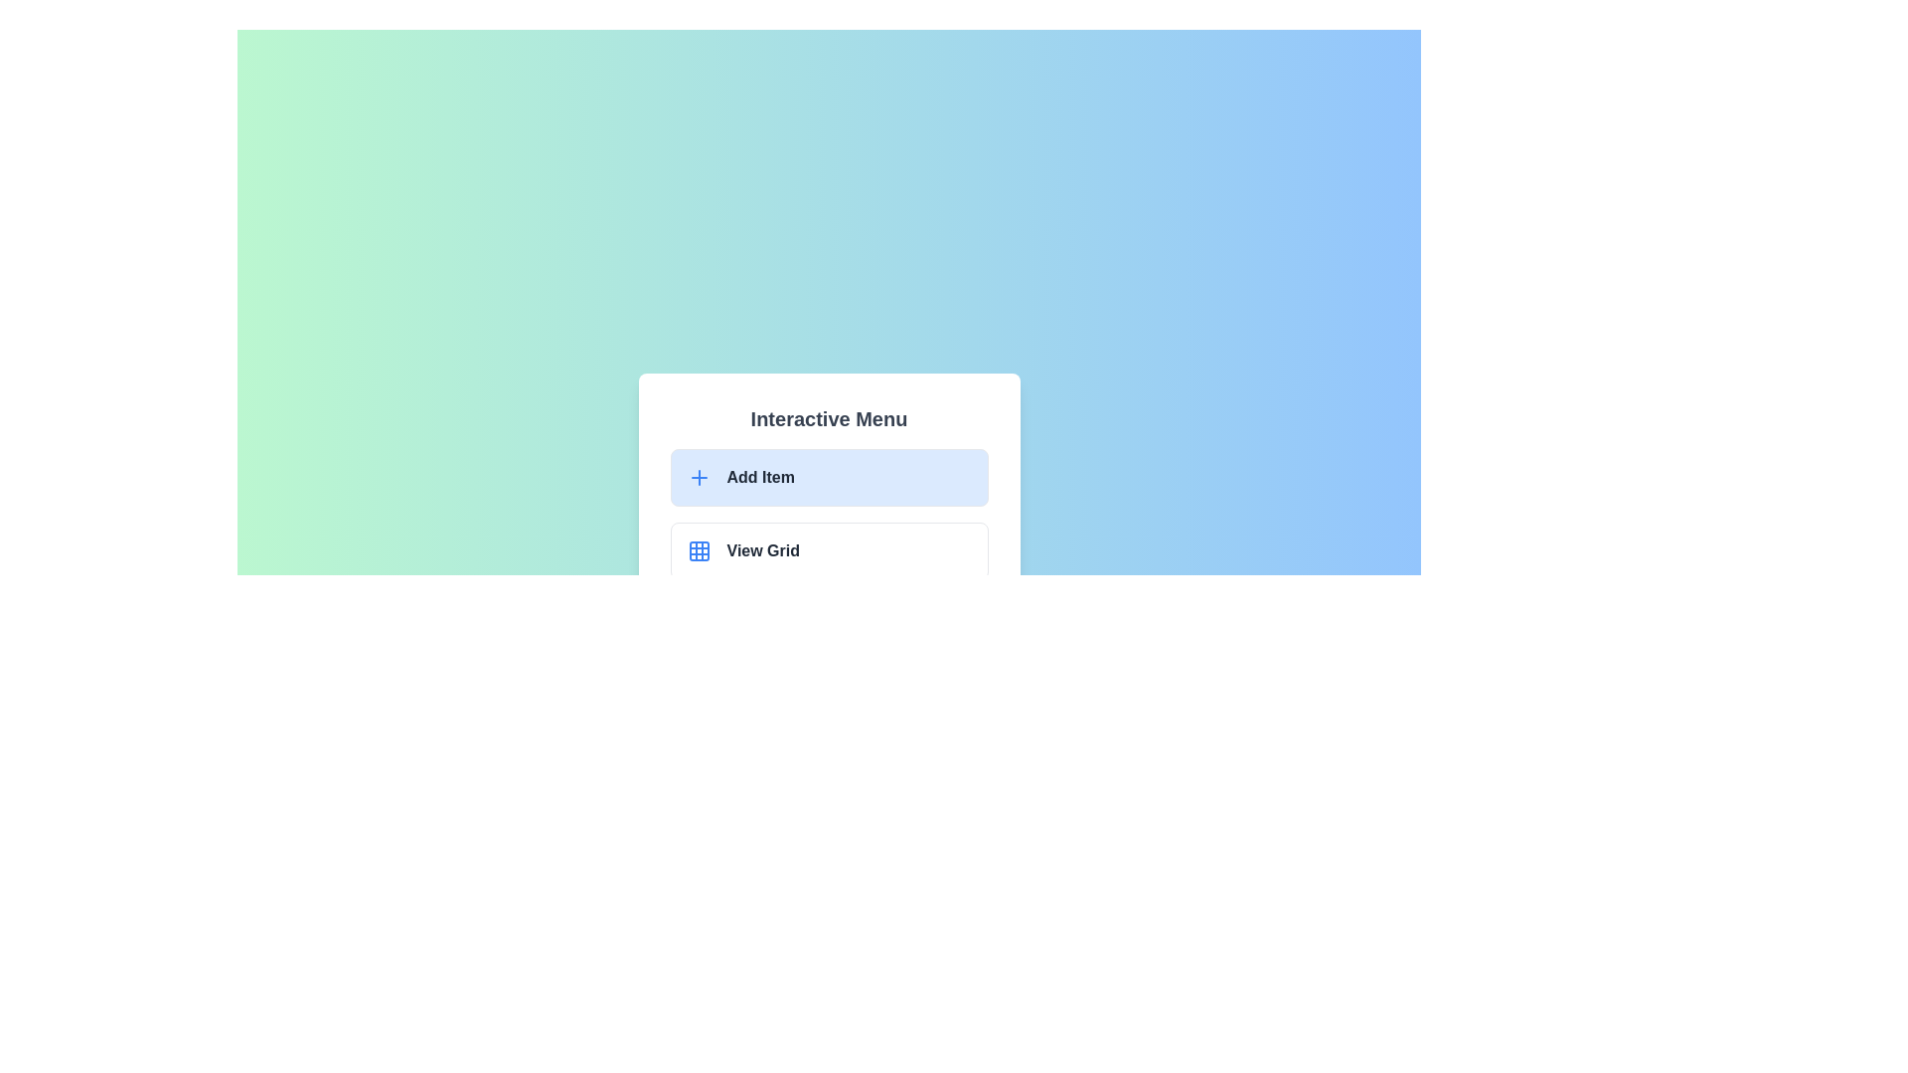  What do you see at coordinates (829, 478) in the screenshot?
I see `the menu item Add Item from the list` at bounding box center [829, 478].